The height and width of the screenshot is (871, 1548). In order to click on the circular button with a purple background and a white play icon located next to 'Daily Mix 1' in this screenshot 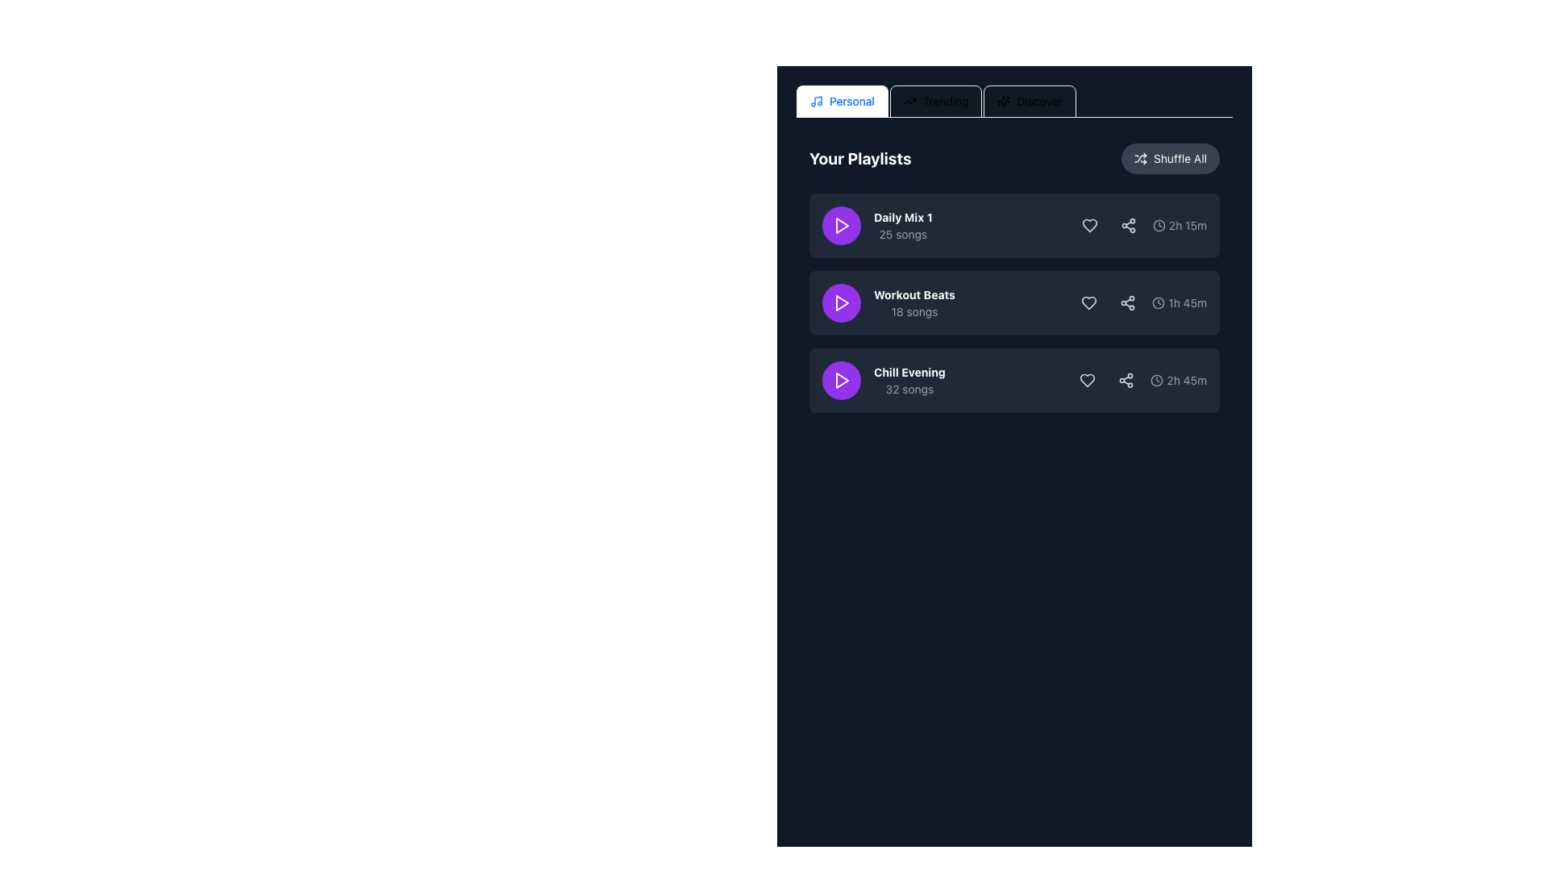, I will do `click(840, 226)`.